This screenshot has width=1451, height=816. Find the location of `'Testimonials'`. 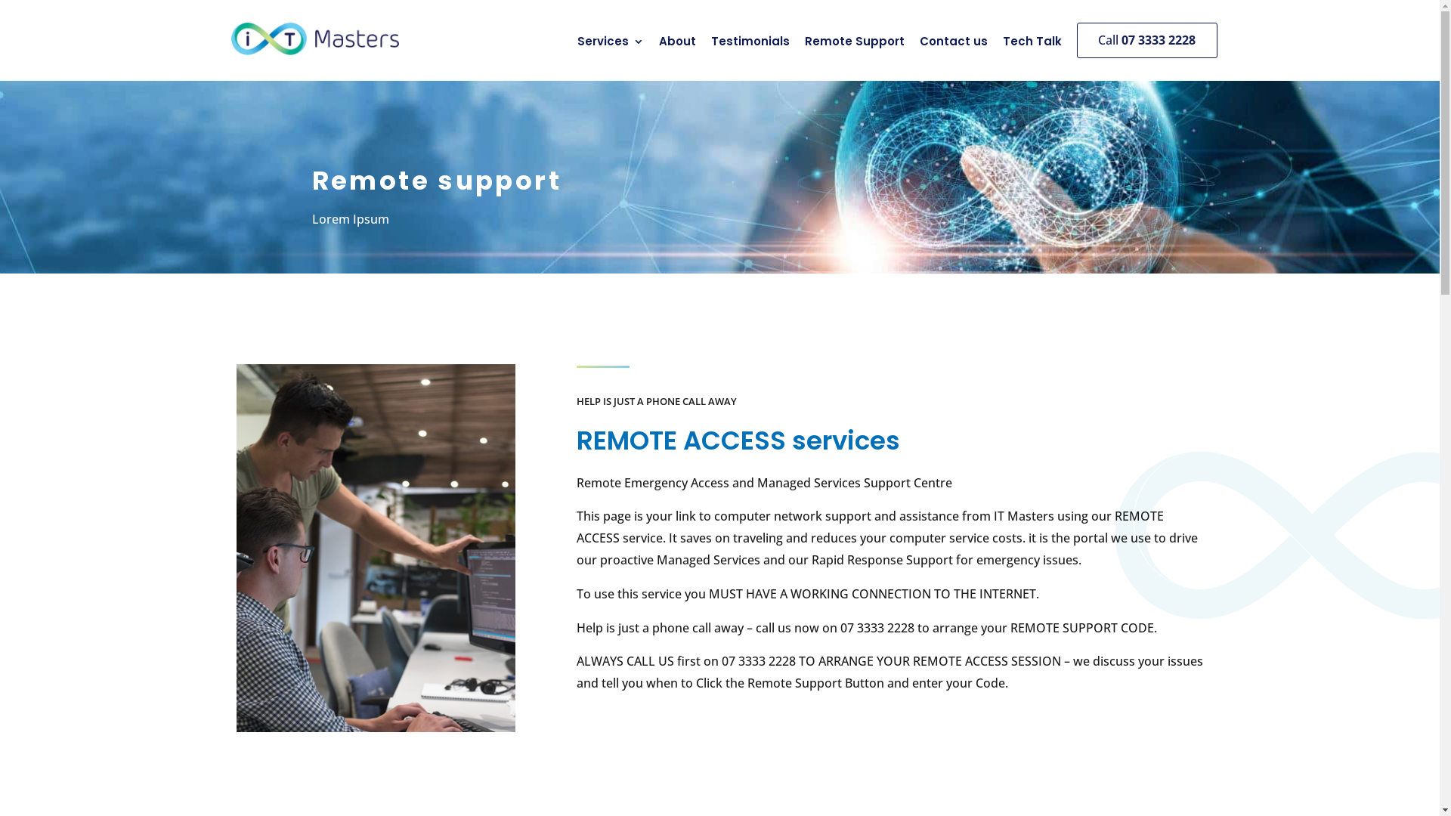

'Testimonials' is located at coordinates (744, 43).